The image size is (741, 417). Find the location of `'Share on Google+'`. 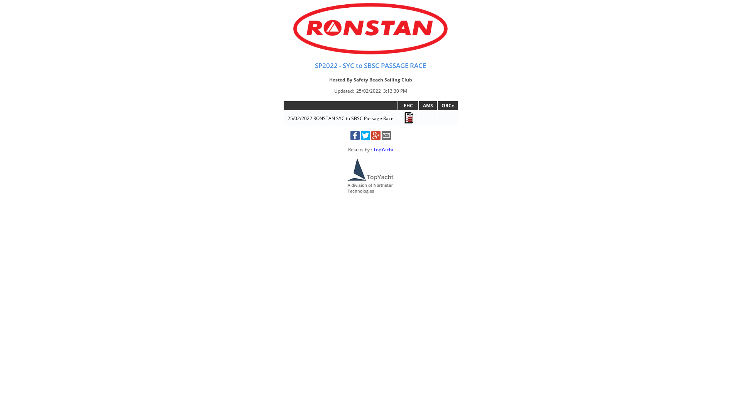

'Share on Google+' is located at coordinates (376, 138).